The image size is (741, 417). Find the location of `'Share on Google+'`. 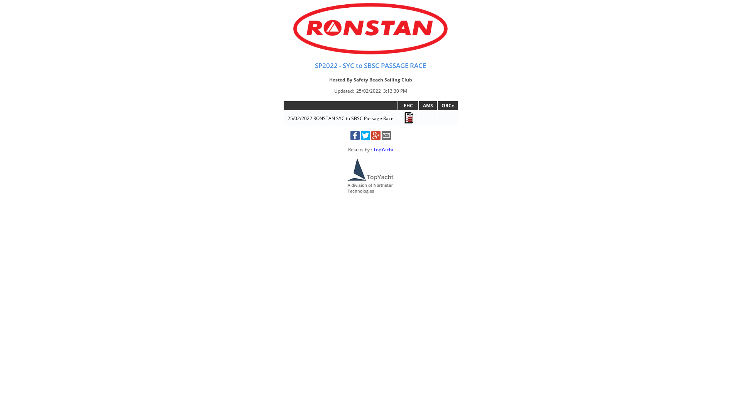

'Share on Google+' is located at coordinates (376, 138).